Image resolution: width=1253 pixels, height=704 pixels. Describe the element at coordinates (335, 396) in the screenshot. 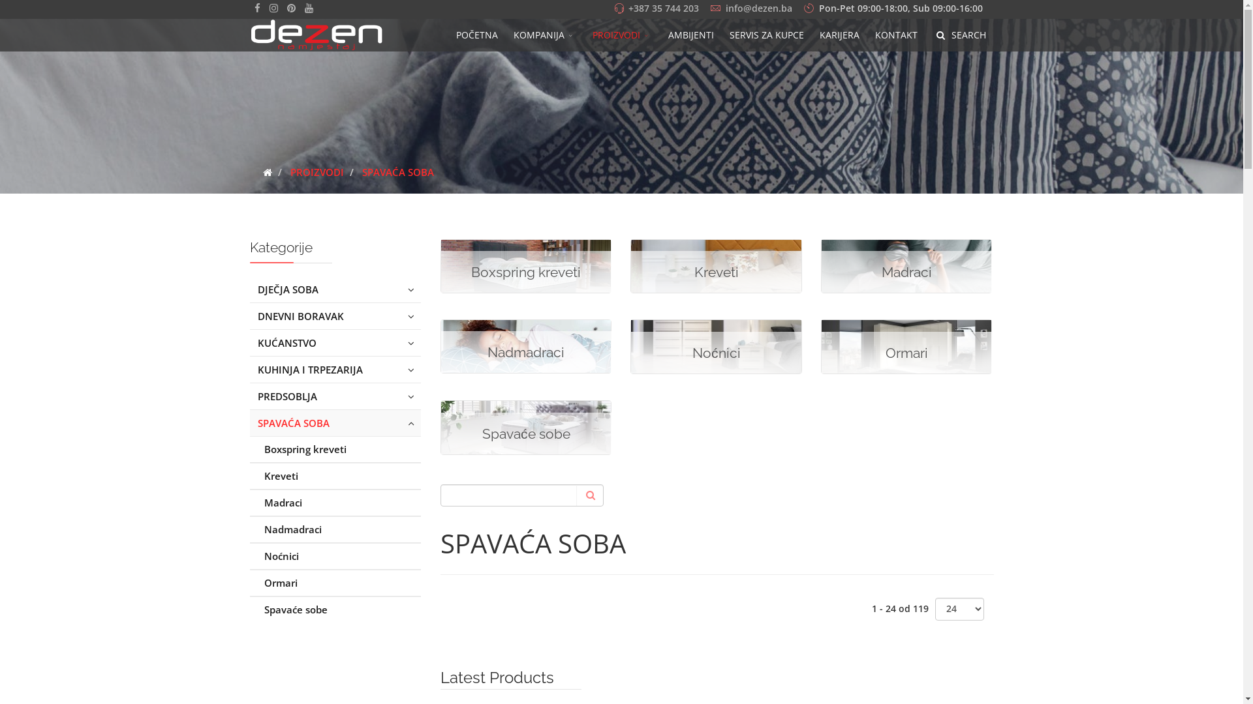

I see `'PREDSOBLJA'` at that location.